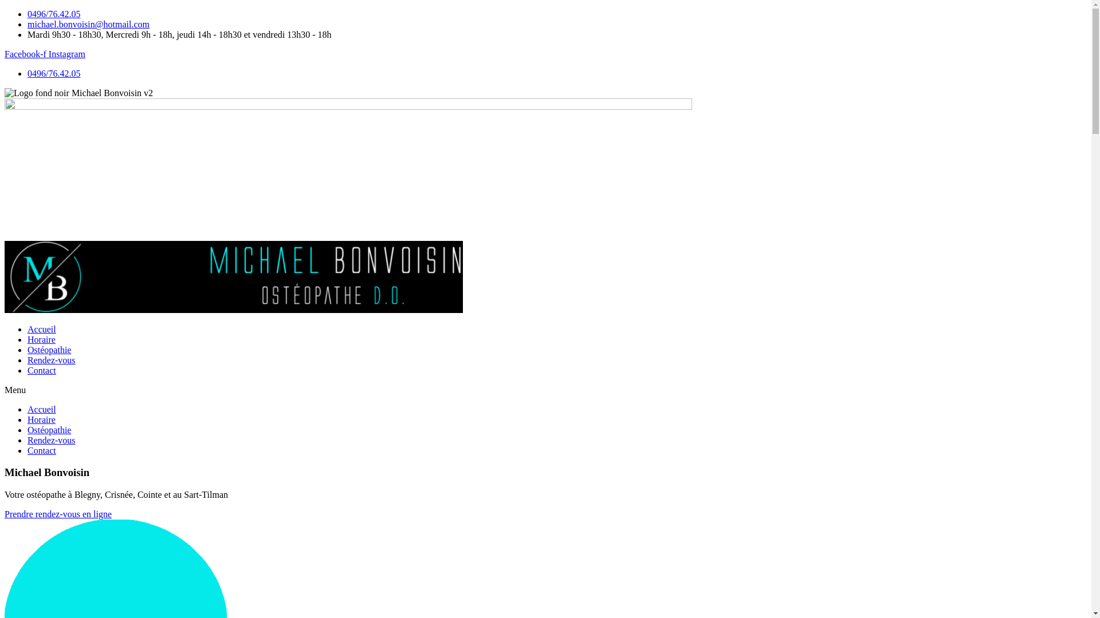  I want to click on 'Aller au contenu', so click(4, 9).